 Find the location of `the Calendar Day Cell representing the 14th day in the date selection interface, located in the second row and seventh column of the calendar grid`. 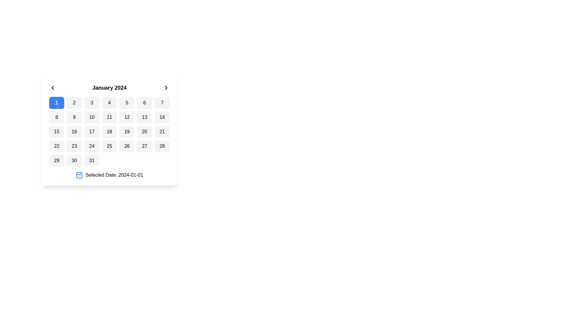

the Calendar Day Cell representing the 14th day in the date selection interface, located in the second row and seventh column of the calendar grid is located at coordinates (162, 117).